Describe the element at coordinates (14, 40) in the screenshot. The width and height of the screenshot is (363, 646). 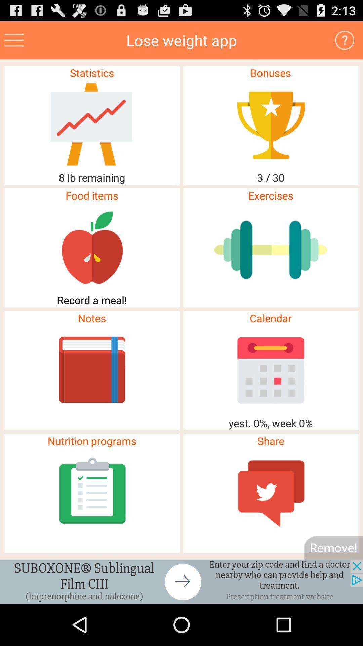
I see `menu icon` at that location.